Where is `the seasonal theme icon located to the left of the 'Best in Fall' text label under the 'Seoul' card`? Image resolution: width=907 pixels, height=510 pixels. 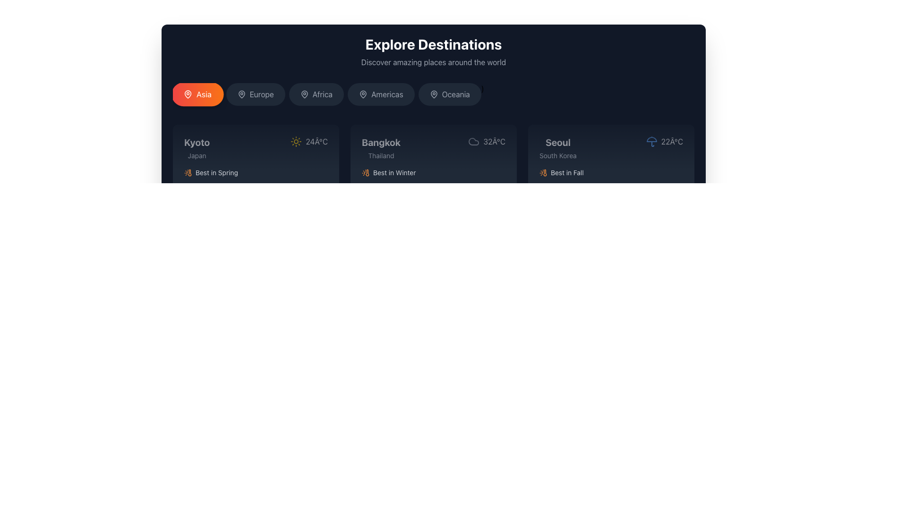 the seasonal theme icon located to the left of the 'Best in Fall' text label under the 'Seoul' card is located at coordinates (543, 173).